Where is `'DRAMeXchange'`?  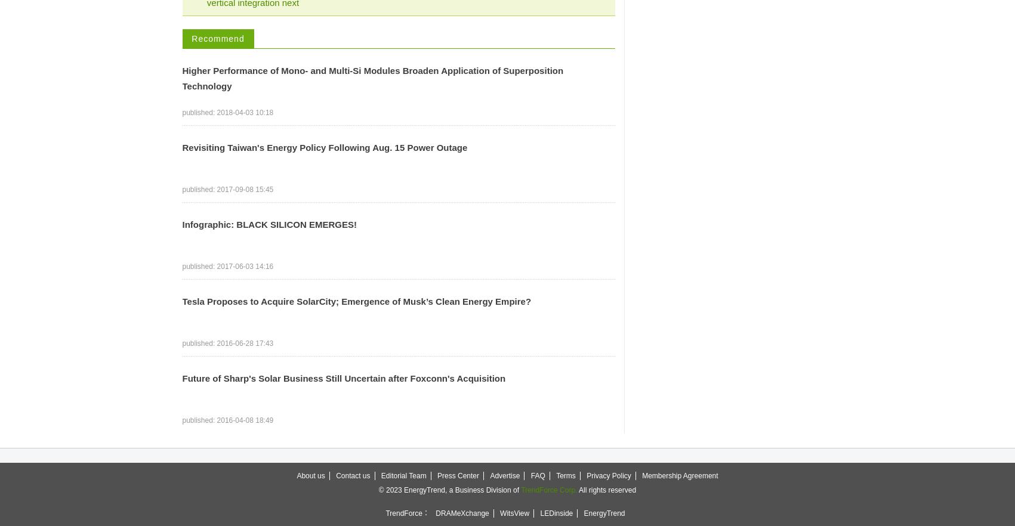
'DRAMeXchange' is located at coordinates (462, 513).